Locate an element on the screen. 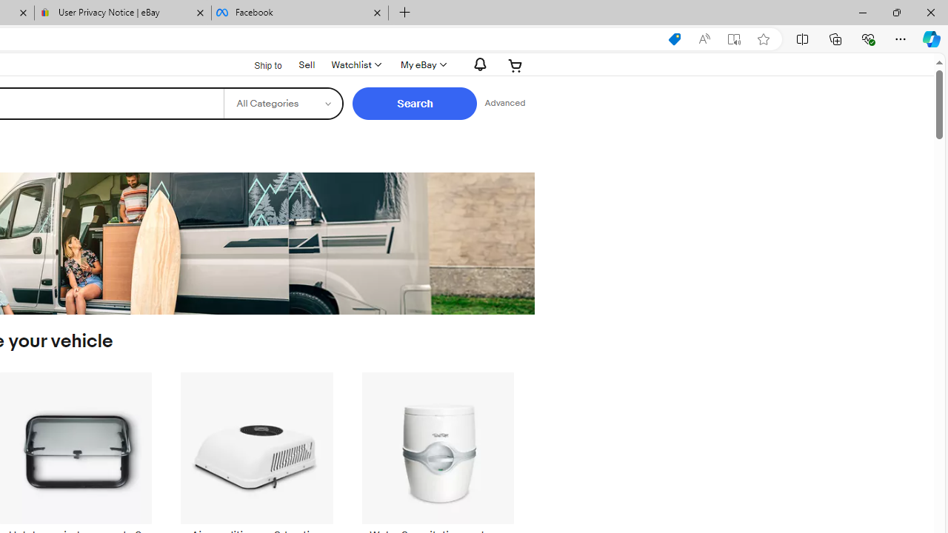 This screenshot has height=533, width=948. 'My eBay' is located at coordinates (421, 64).